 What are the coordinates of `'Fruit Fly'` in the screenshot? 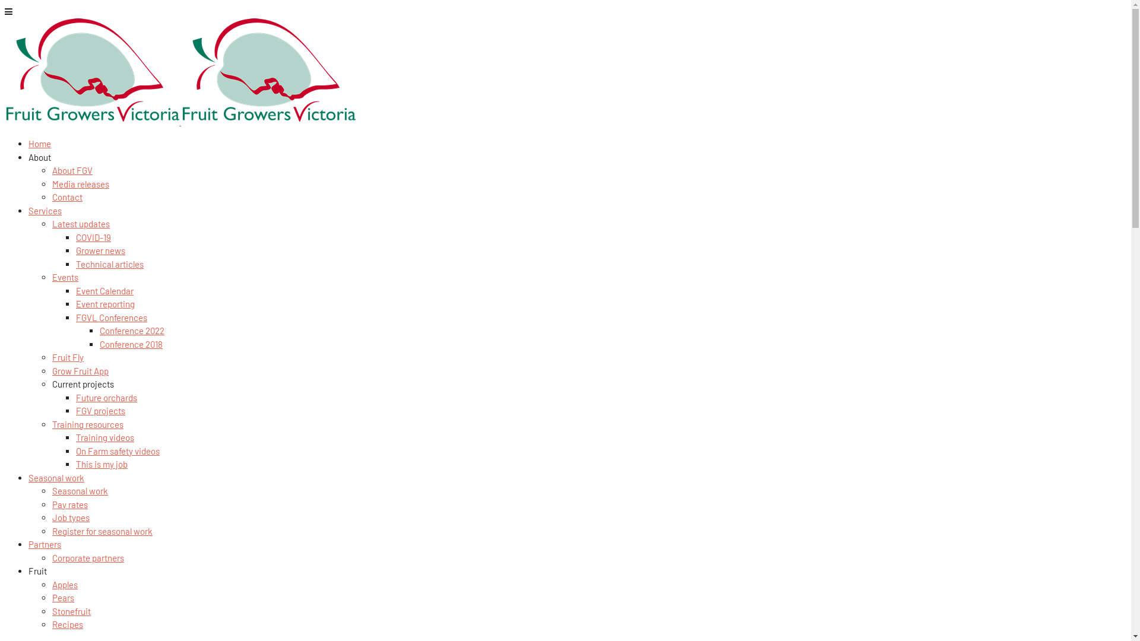 It's located at (67, 356).